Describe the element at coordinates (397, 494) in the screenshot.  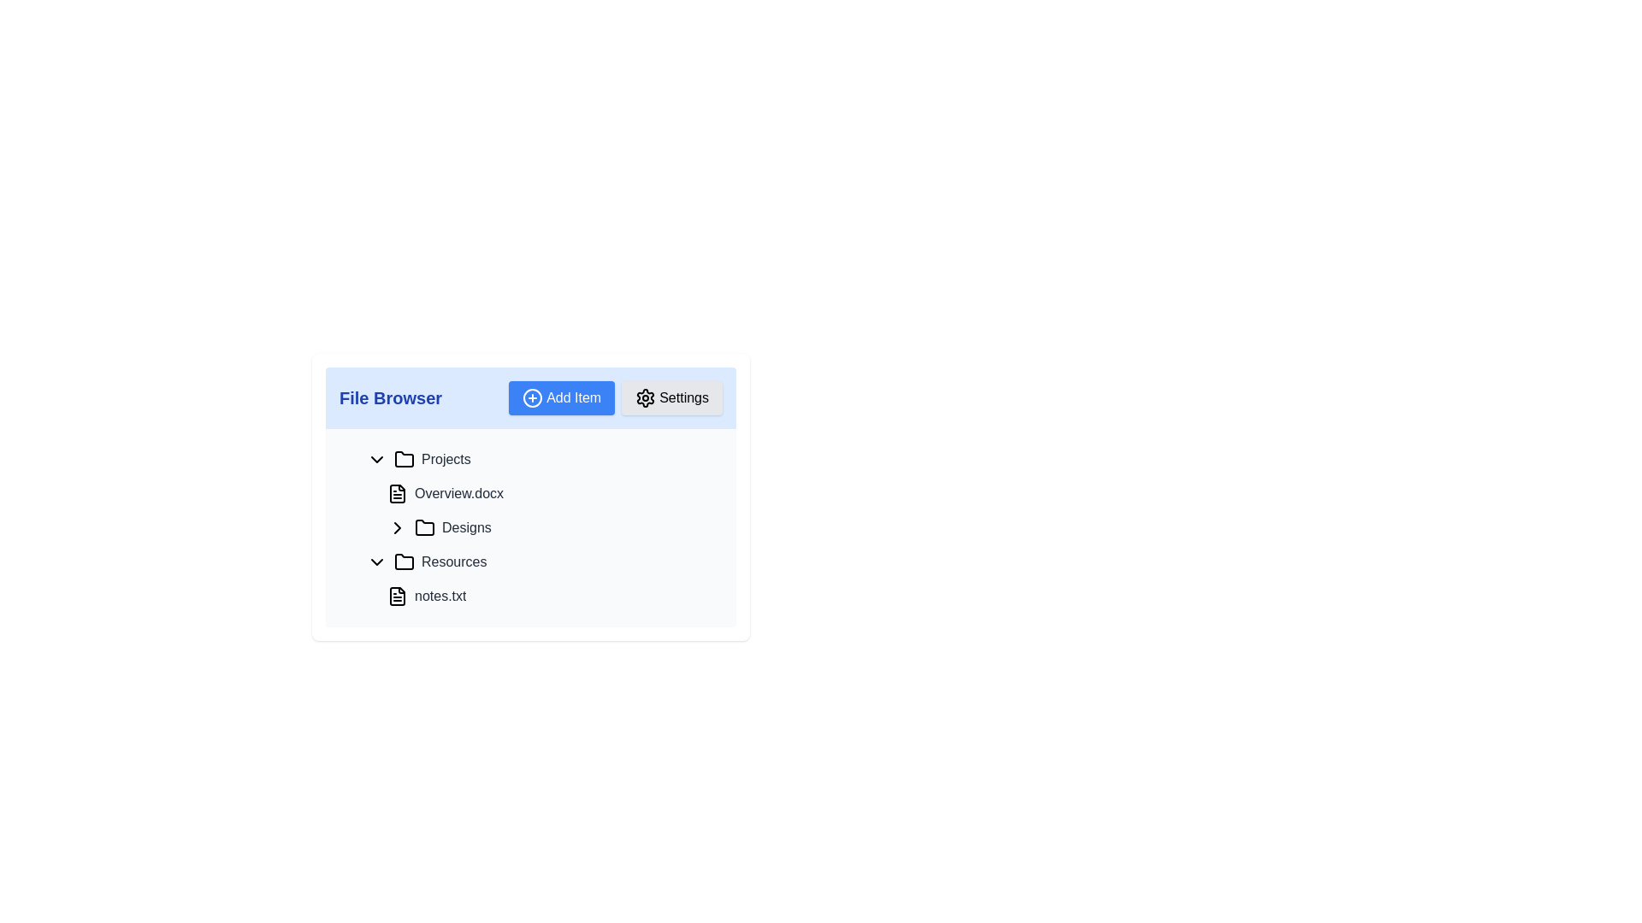
I see `the document icon representing 'Overview.docx'` at that location.